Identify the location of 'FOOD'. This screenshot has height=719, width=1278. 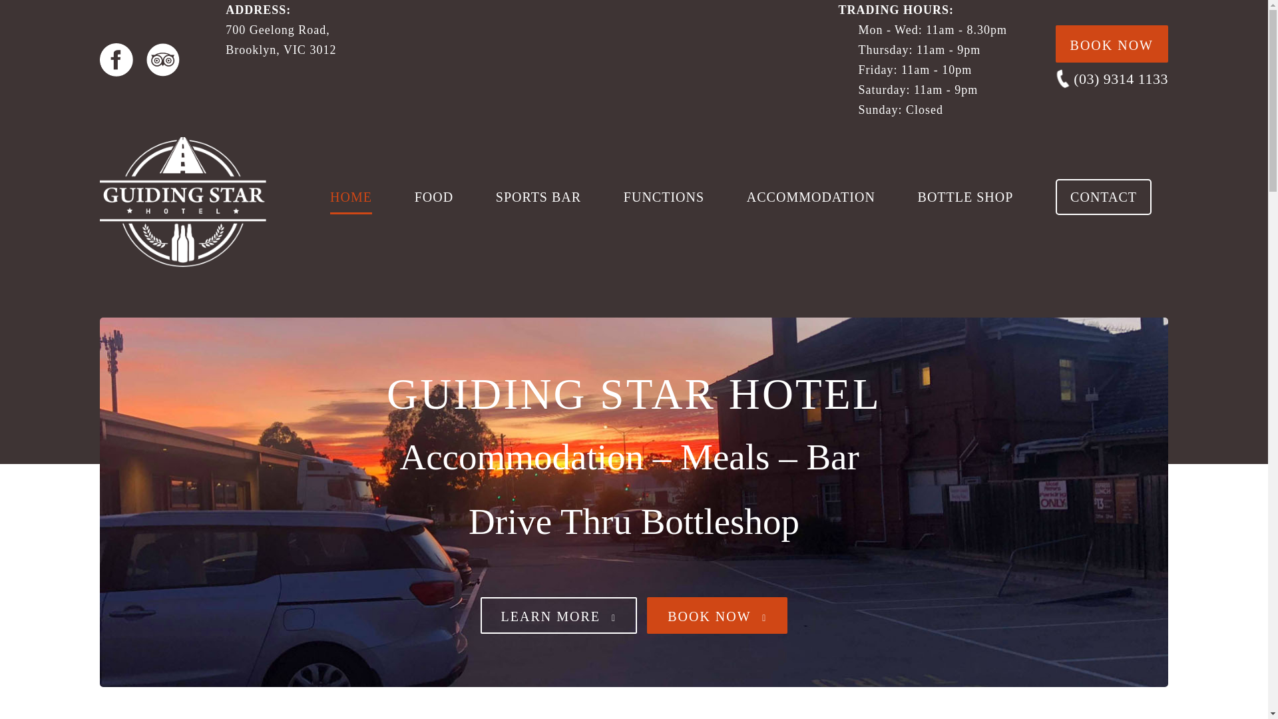
(434, 197).